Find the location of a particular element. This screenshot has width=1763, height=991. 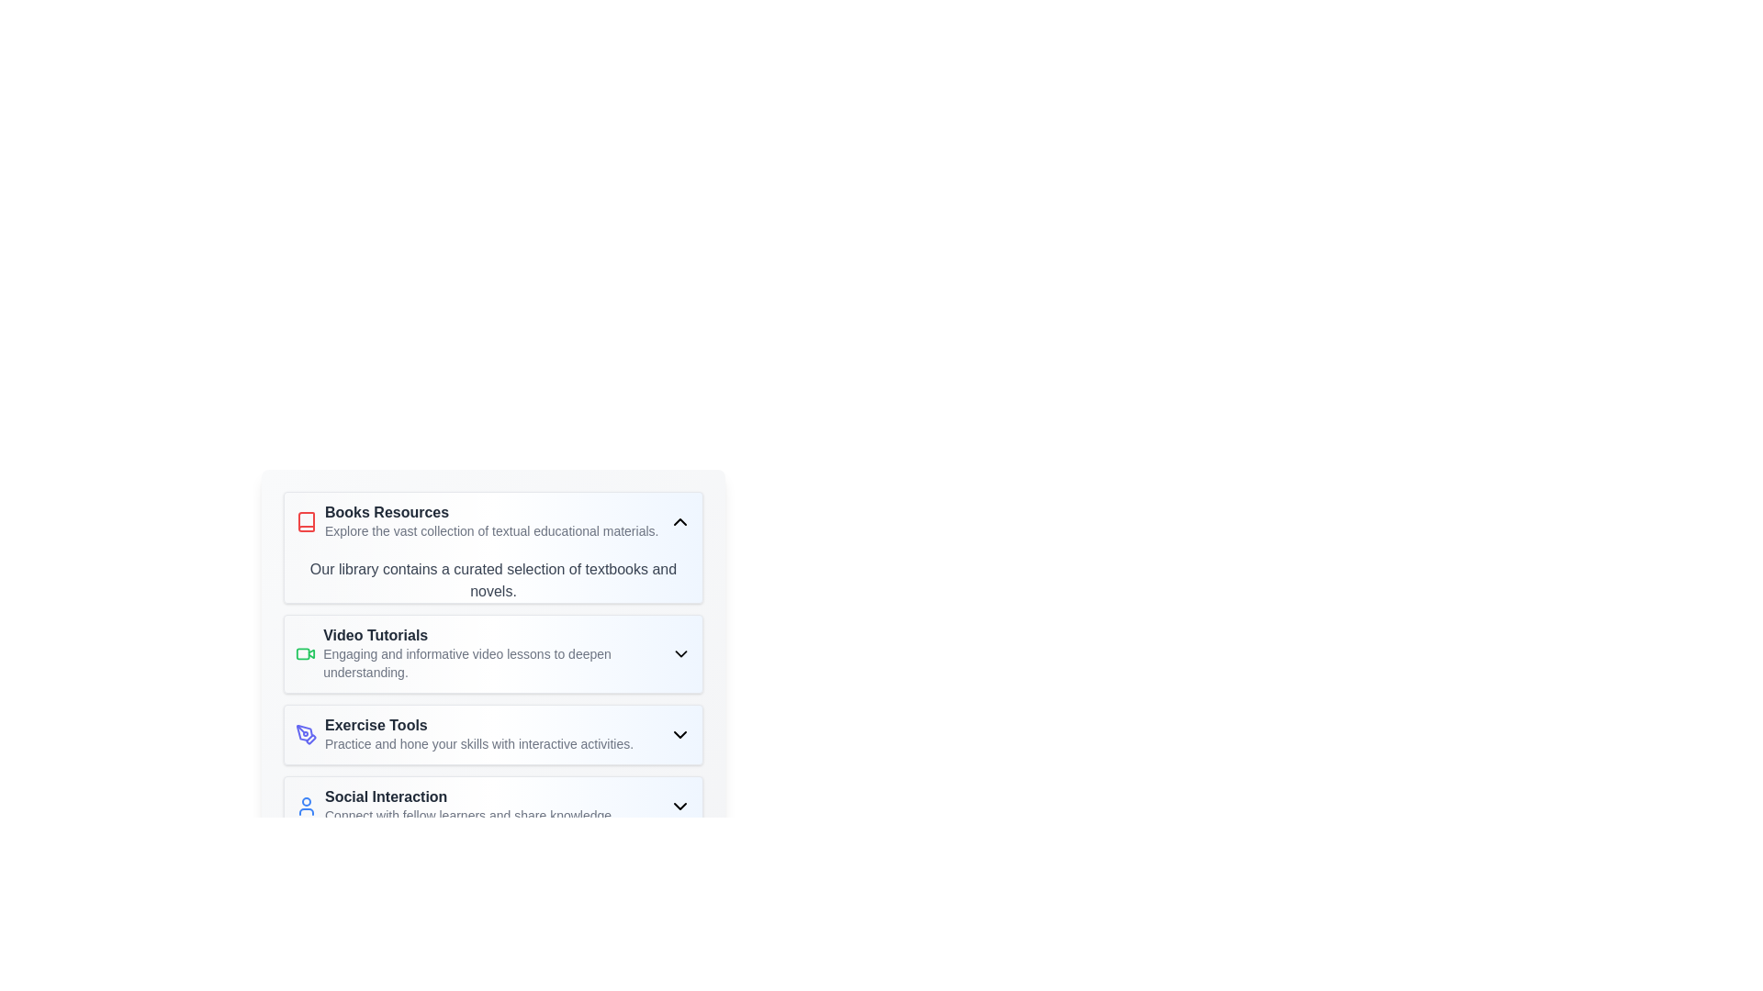

the second collapsible card in the vertically stacked list that presents video tutorials to trigger interaction effects is located at coordinates (493, 653).